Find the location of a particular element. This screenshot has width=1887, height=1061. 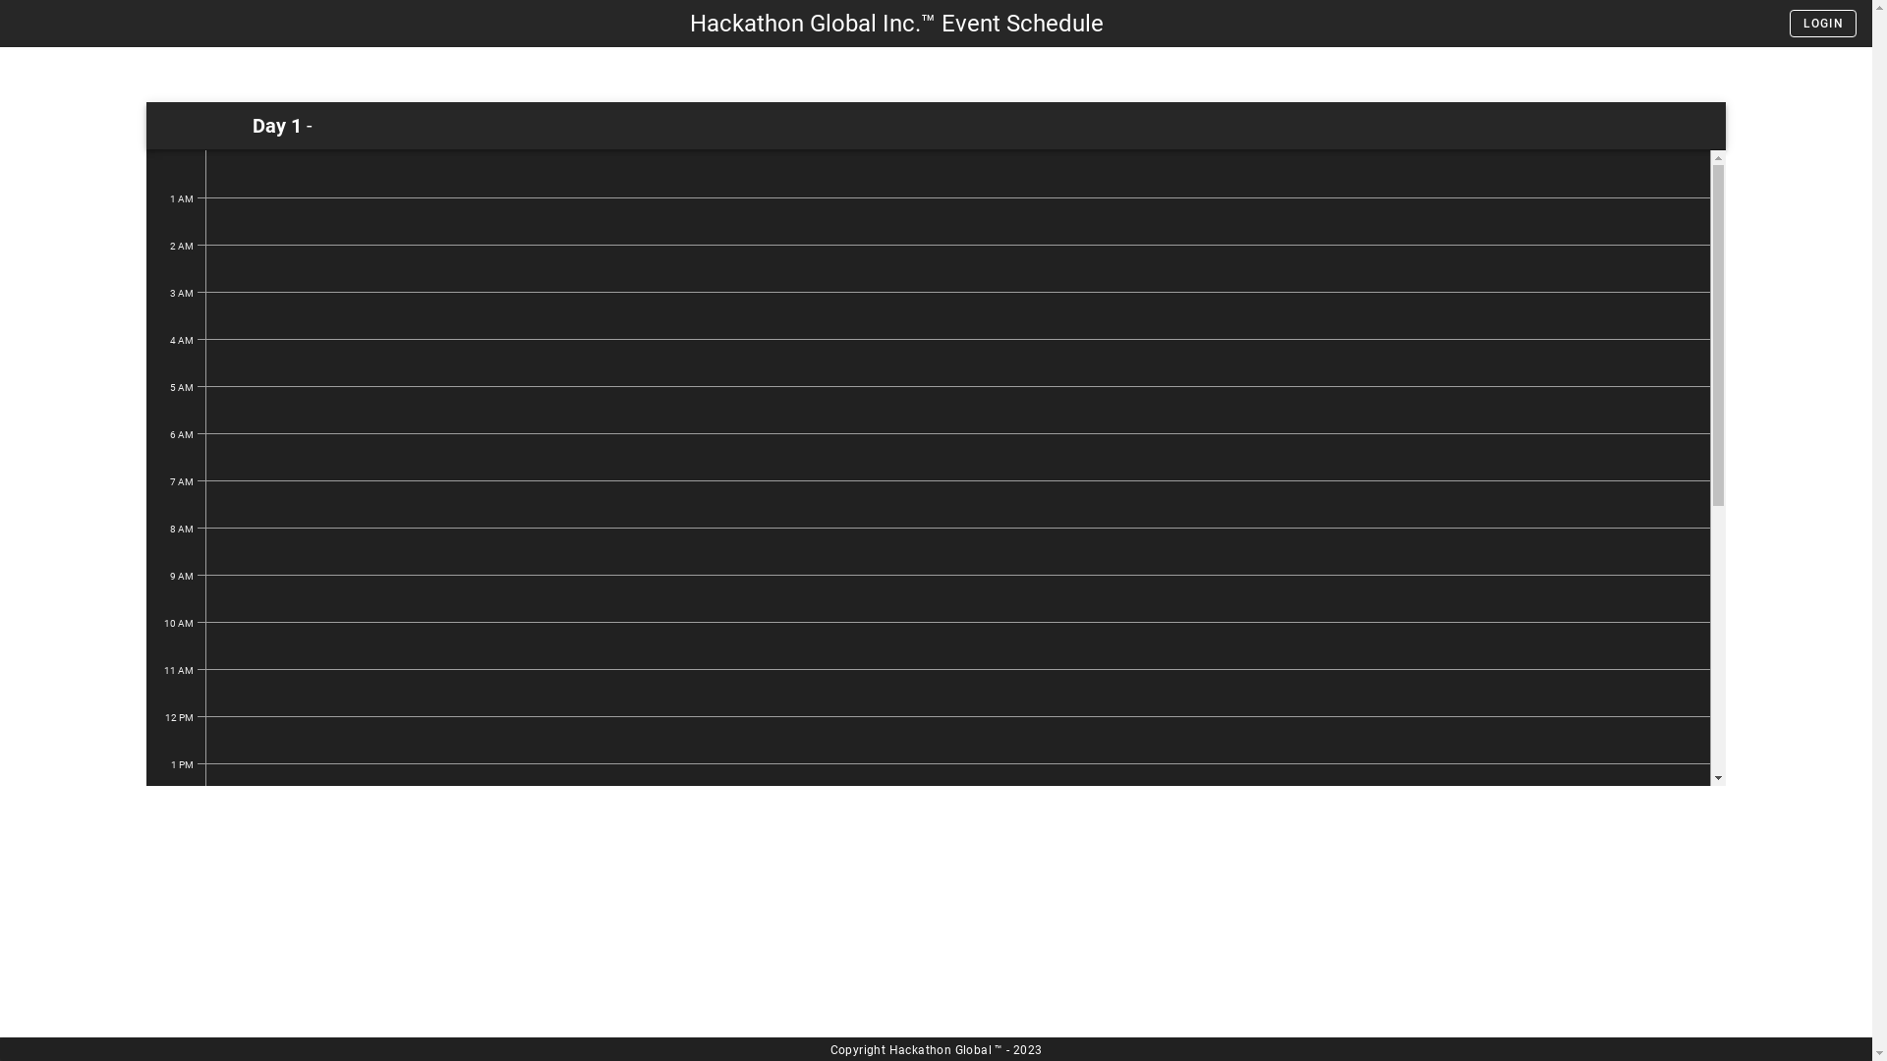

'LOGIN' is located at coordinates (1821, 23).